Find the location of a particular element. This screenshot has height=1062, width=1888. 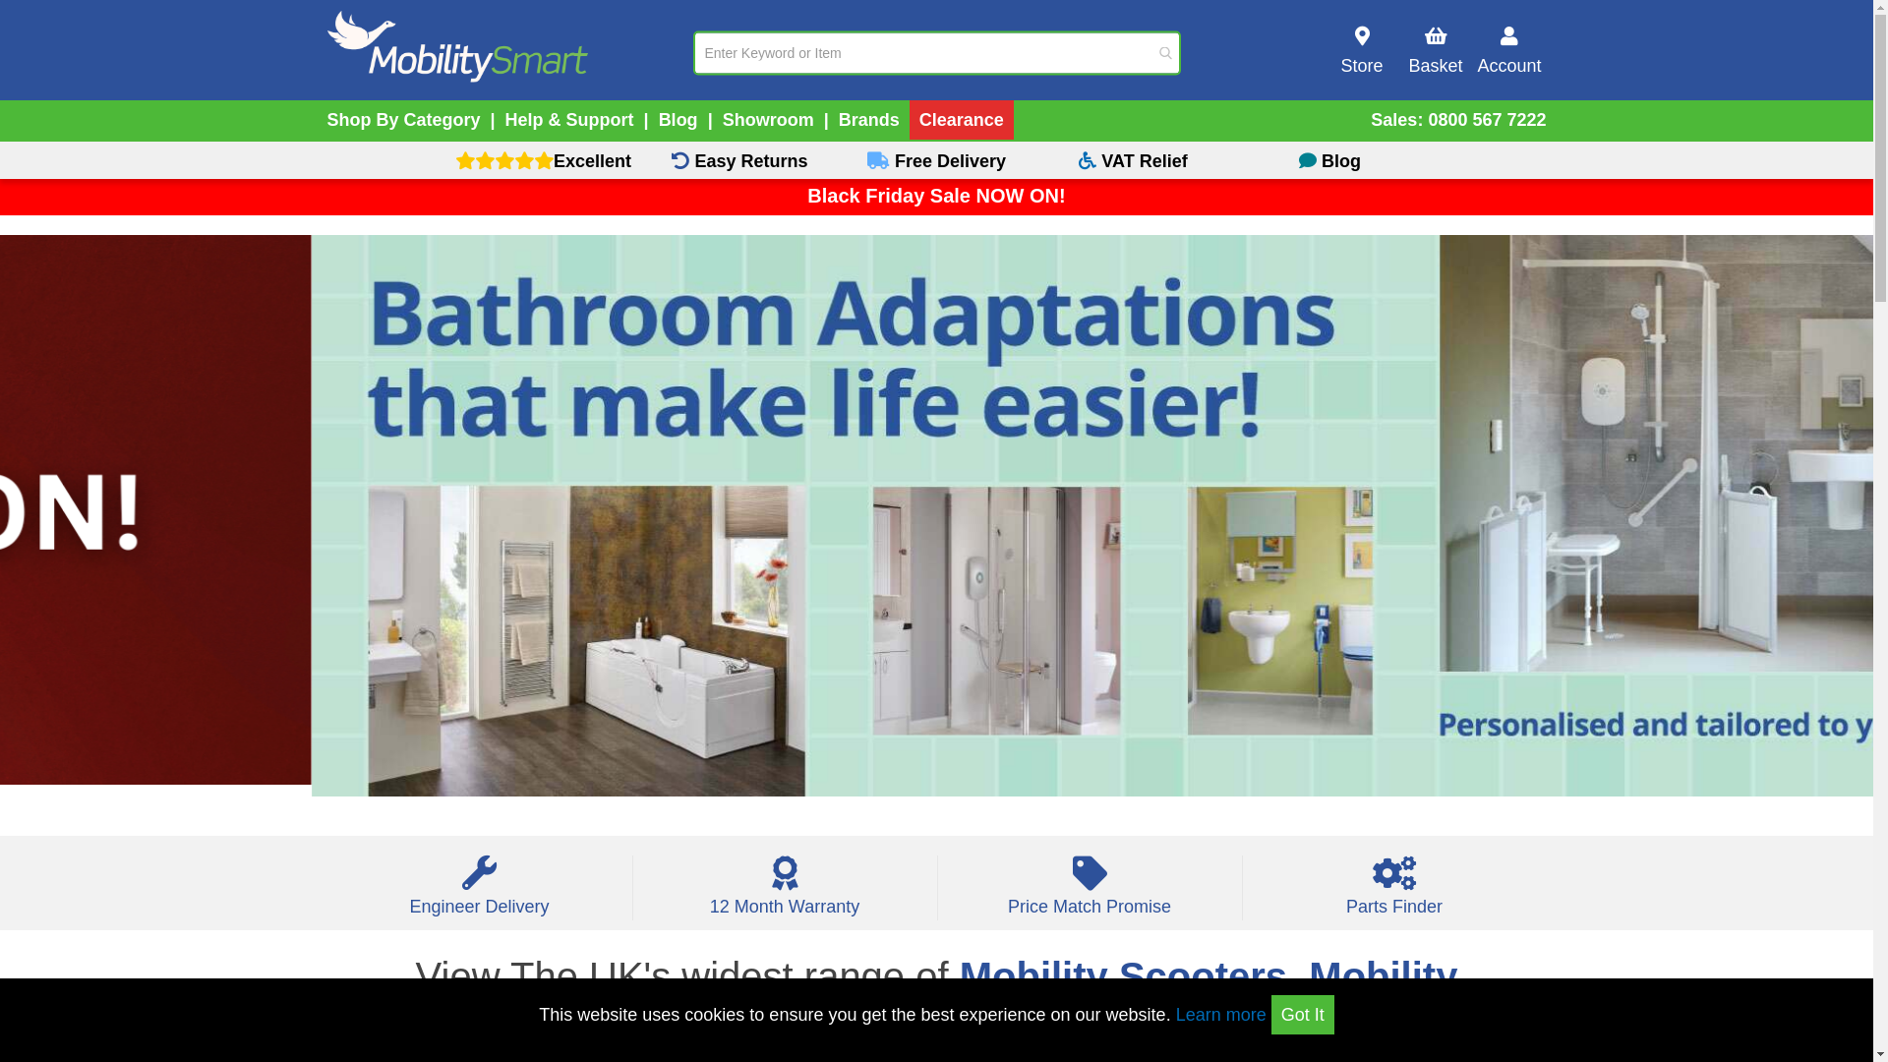

'Free Delivery' is located at coordinates (934, 159).